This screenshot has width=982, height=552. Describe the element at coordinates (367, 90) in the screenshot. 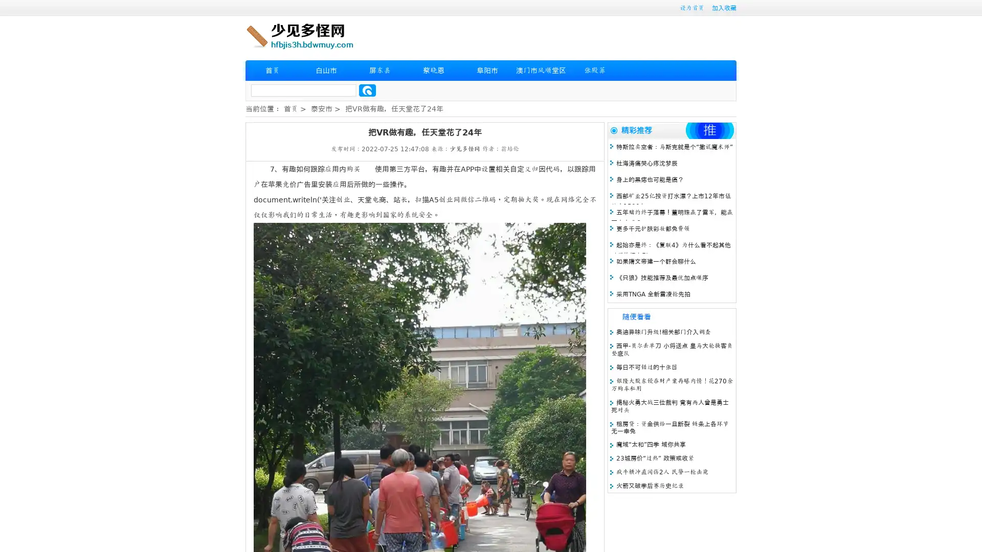

I see `Search` at that location.